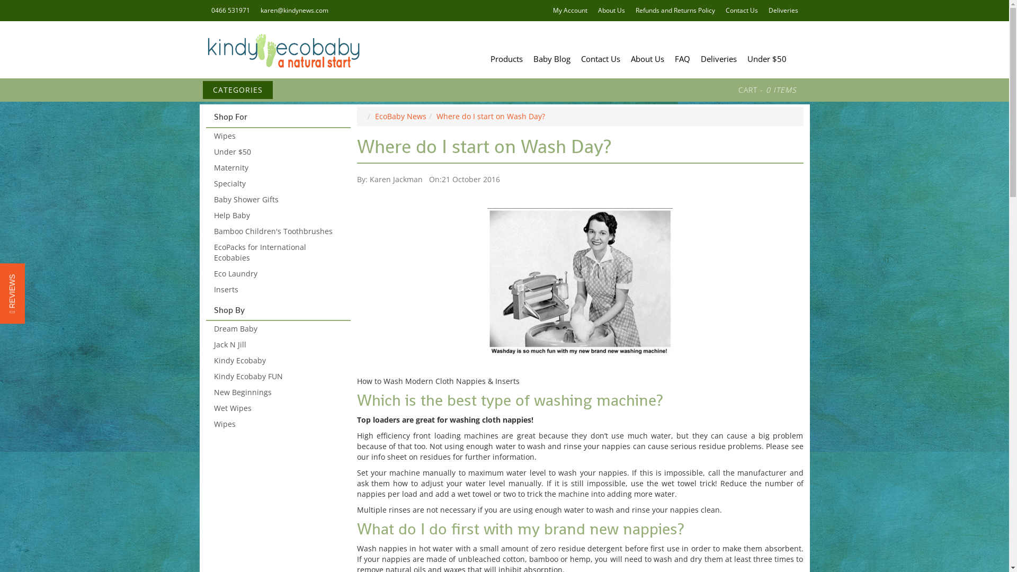 Image resolution: width=1017 pixels, height=572 pixels. What do you see at coordinates (278, 151) in the screenshot?
I see `'Under $50'` at bounding box center [278, 151].